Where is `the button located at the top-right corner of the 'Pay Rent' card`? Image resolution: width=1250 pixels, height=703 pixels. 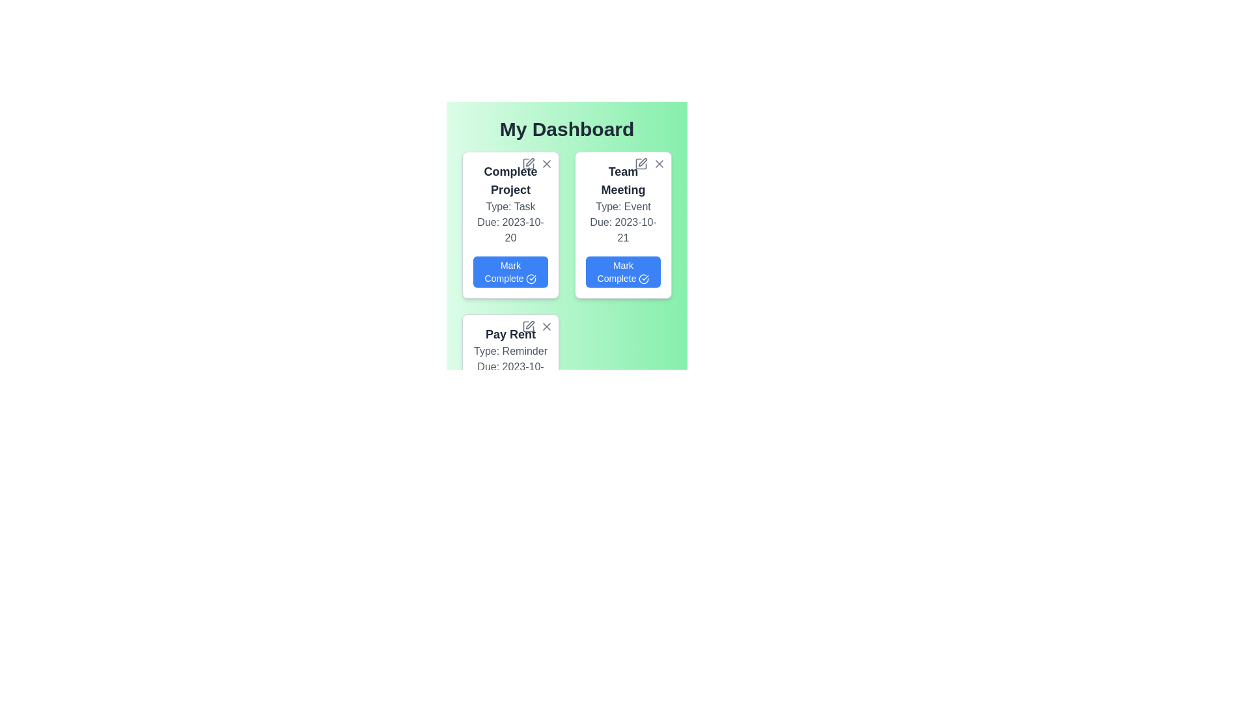
the button located at the top-right corner of the 'Pay Rent' card is located at coordinates (547, 325).